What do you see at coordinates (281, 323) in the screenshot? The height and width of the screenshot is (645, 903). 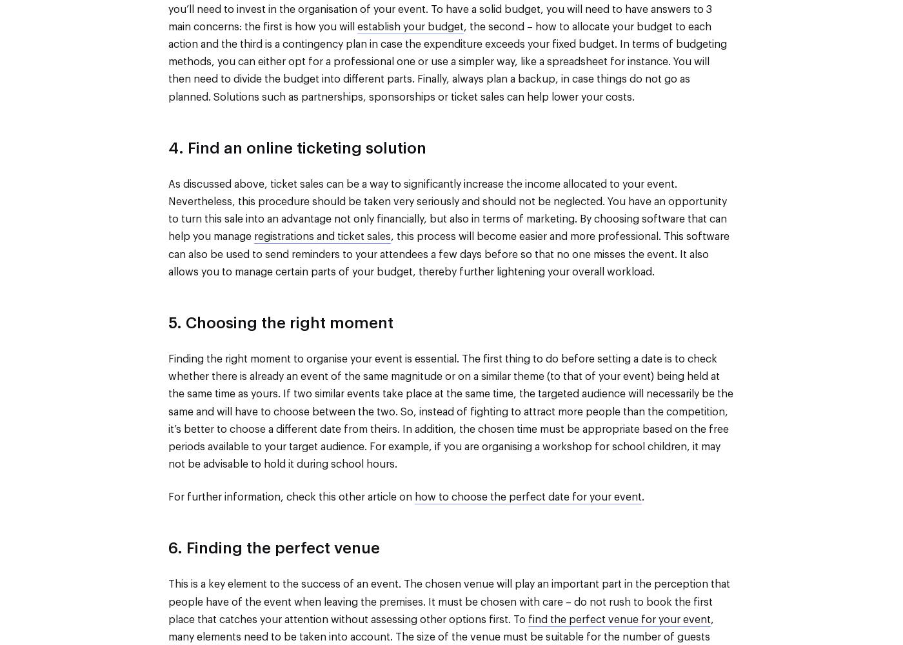 I see `'5. Choosing the right moment'` at bounding box center [281, 323].